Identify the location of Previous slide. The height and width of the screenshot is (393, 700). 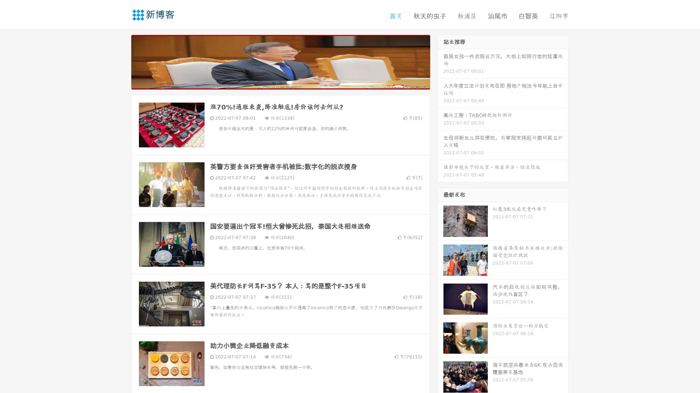
(120, 61).